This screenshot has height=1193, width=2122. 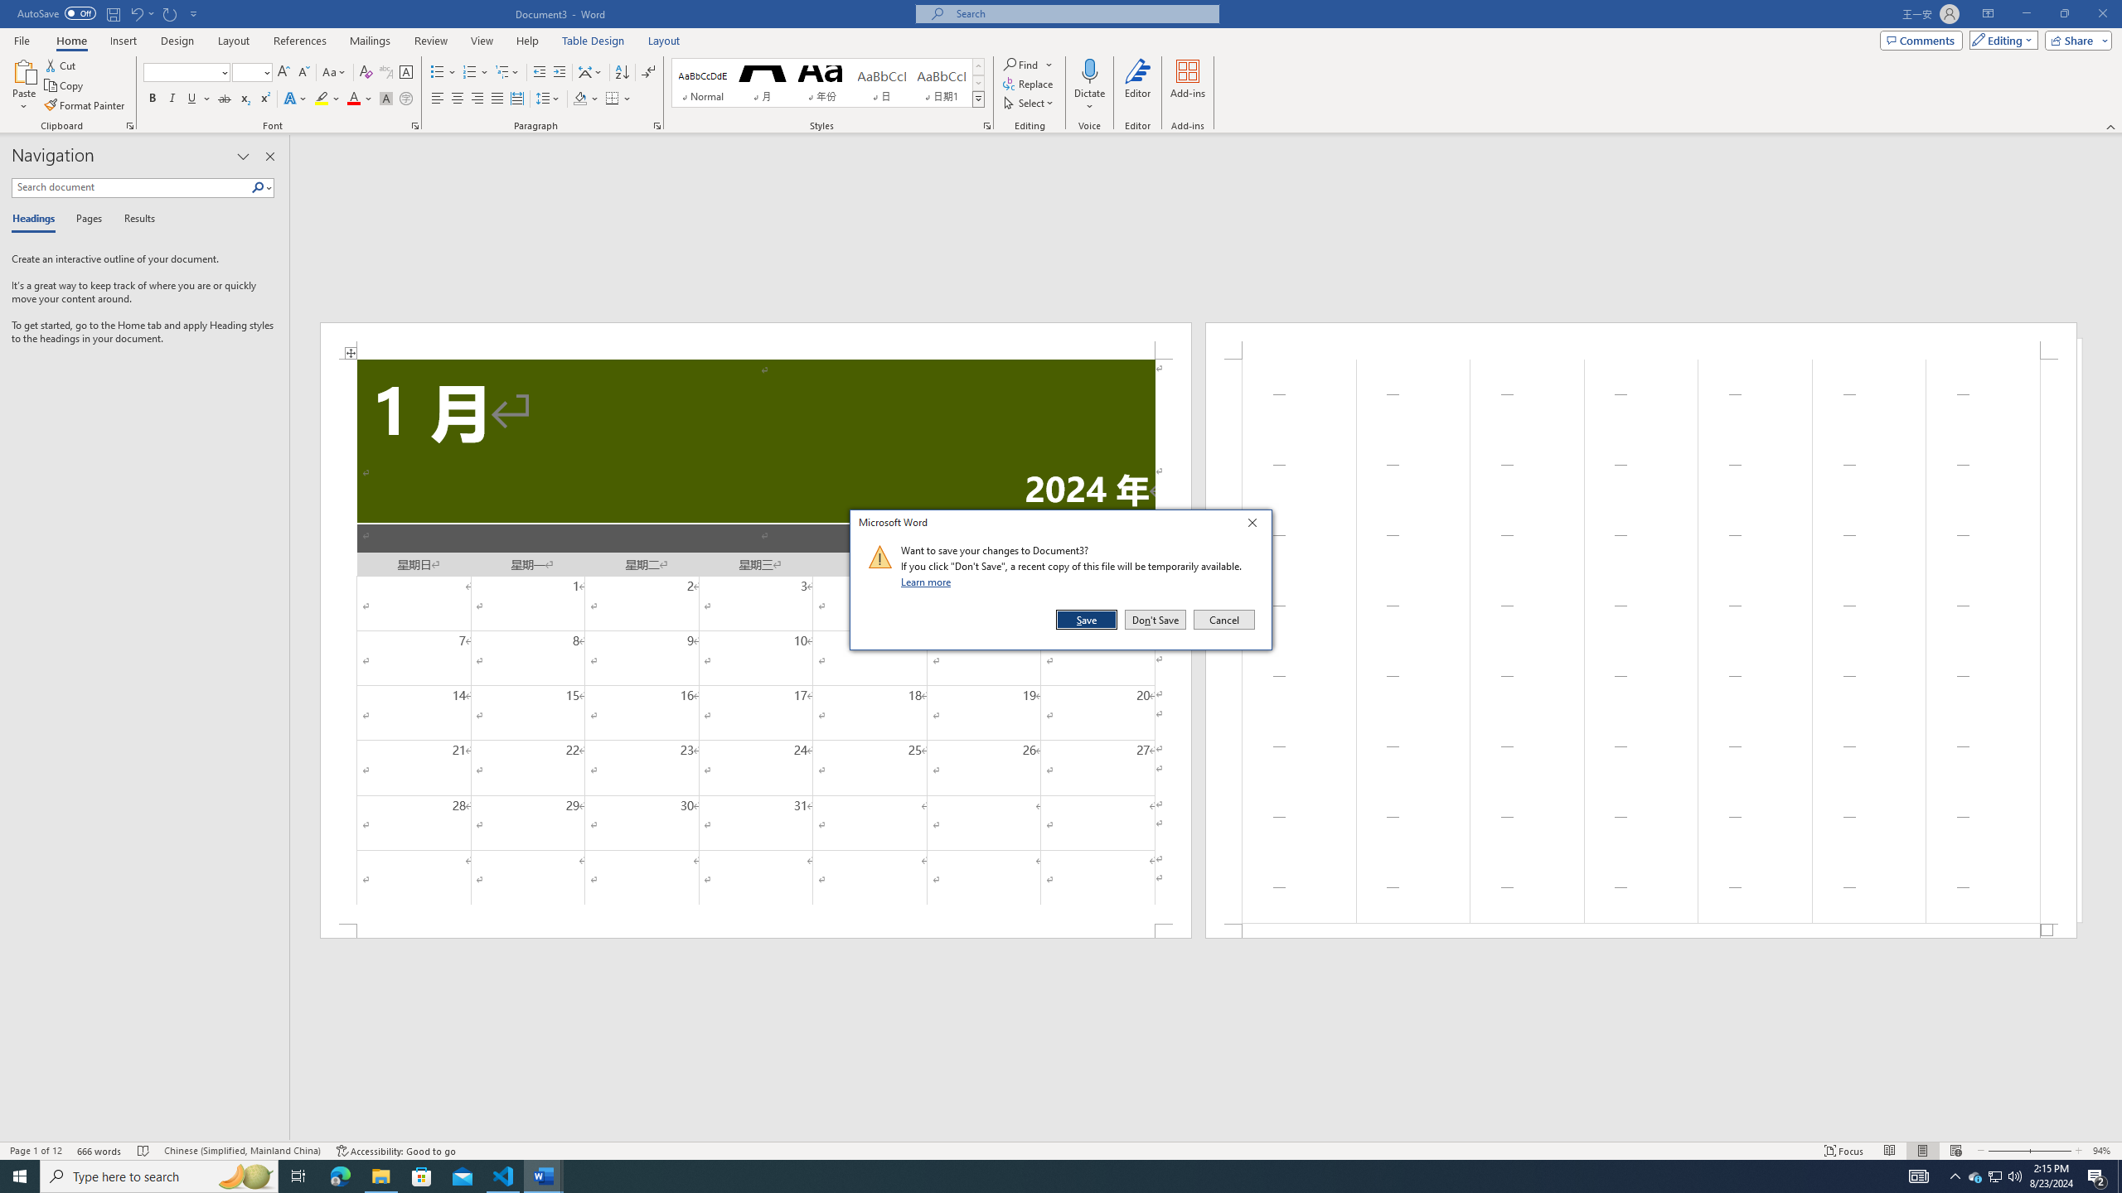 I want to click on 'Superscript', so click(x=263, y=98).